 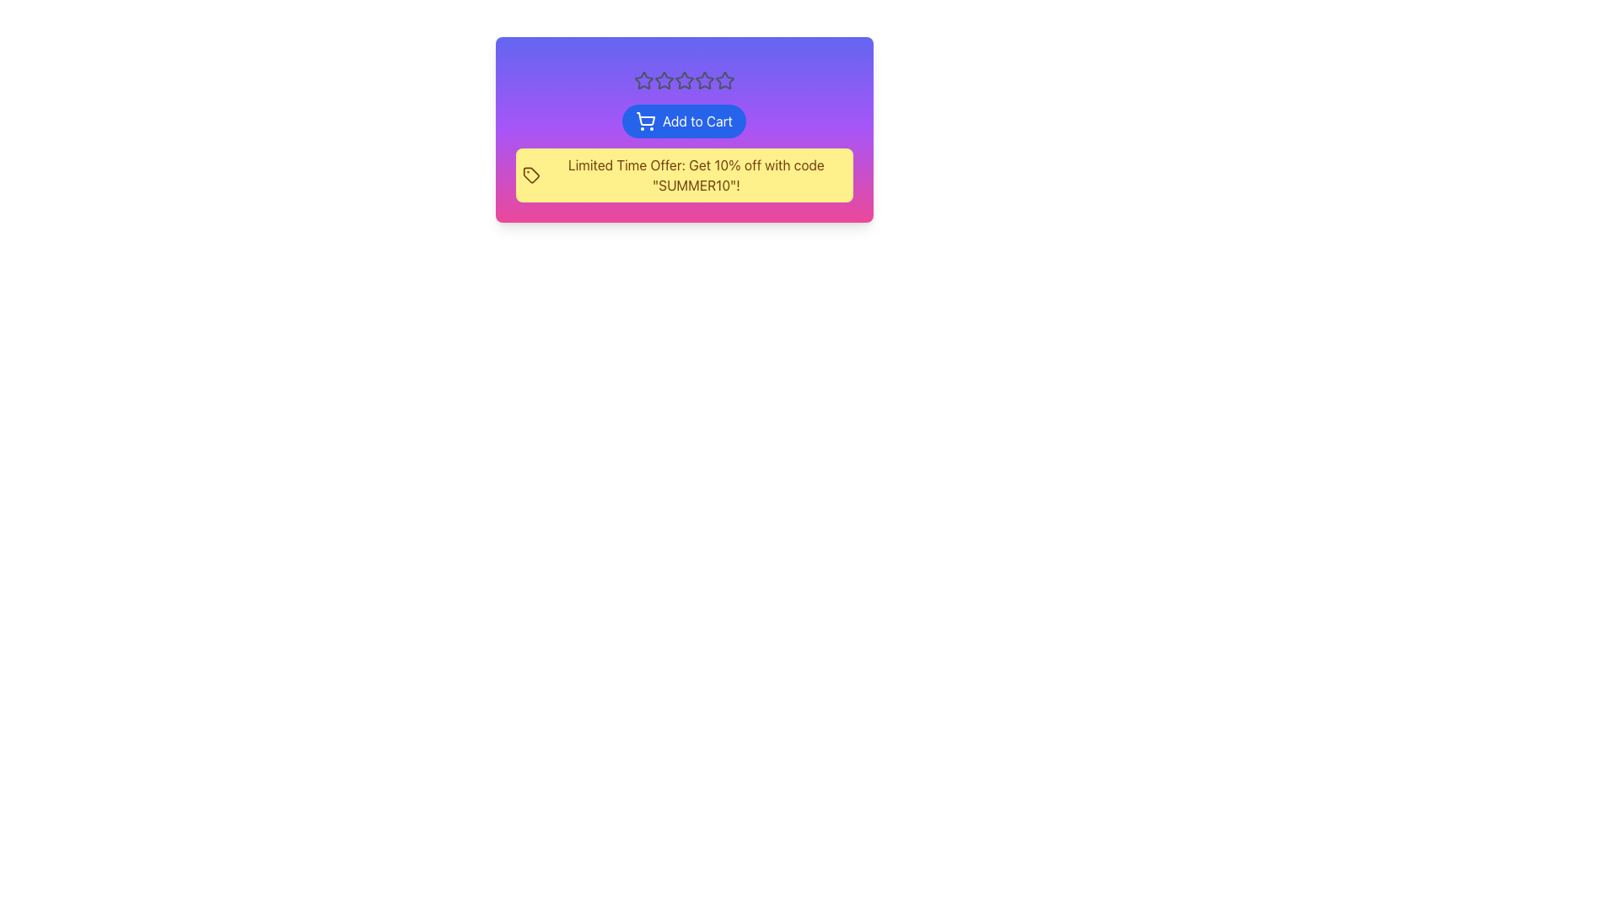 What do you see at coordinates (724, 80) in the screenshot?
I see `the fourth rating star in the rating system` at bounding box center [724, 80].